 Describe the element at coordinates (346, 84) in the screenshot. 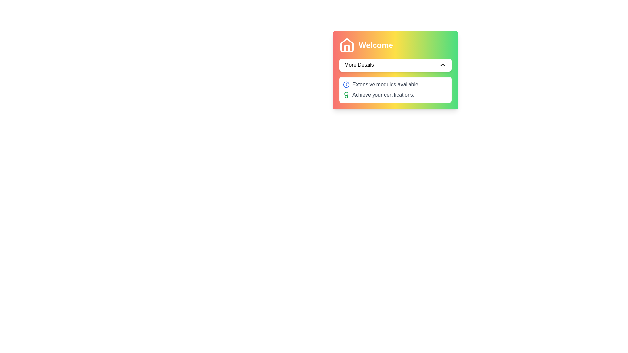

I see `the Informational Icon, which is a circular blue icon with an 'i' symbol, located to the left of the text 'Extensive modules available.'` at that location.